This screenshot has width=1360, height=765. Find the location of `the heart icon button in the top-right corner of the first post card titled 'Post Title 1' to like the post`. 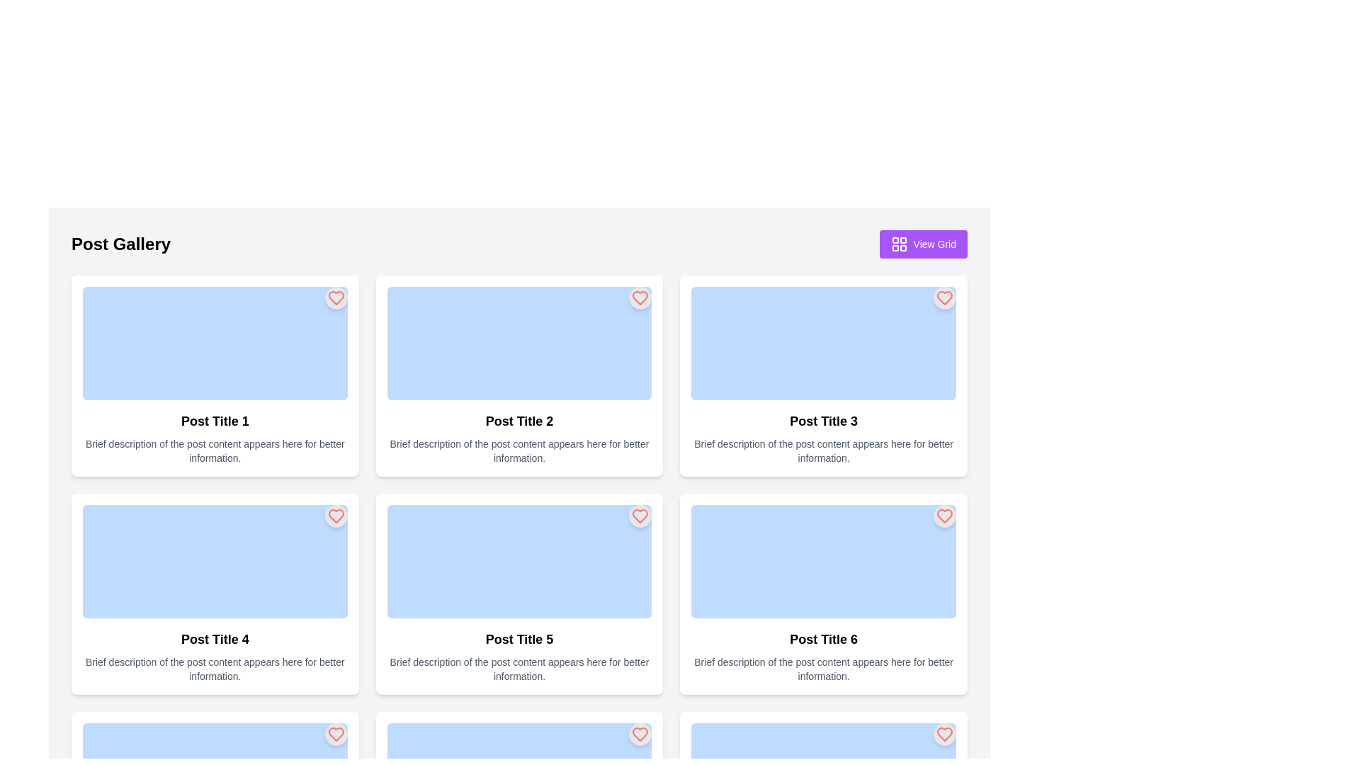

the heart icon button in the top-right corner of the first post card titled 'Post Title 1' to like the post is located at coordinates (335, 297).